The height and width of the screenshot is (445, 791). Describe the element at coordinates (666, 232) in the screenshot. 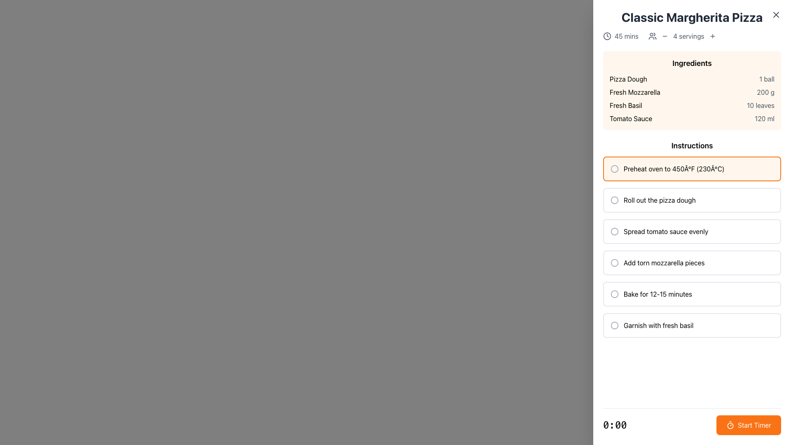

I see `the text label that reads 'Spread tomato sauce evenly', which is the third step in the 'Instructions' list on the right panel of the interface` at that location.